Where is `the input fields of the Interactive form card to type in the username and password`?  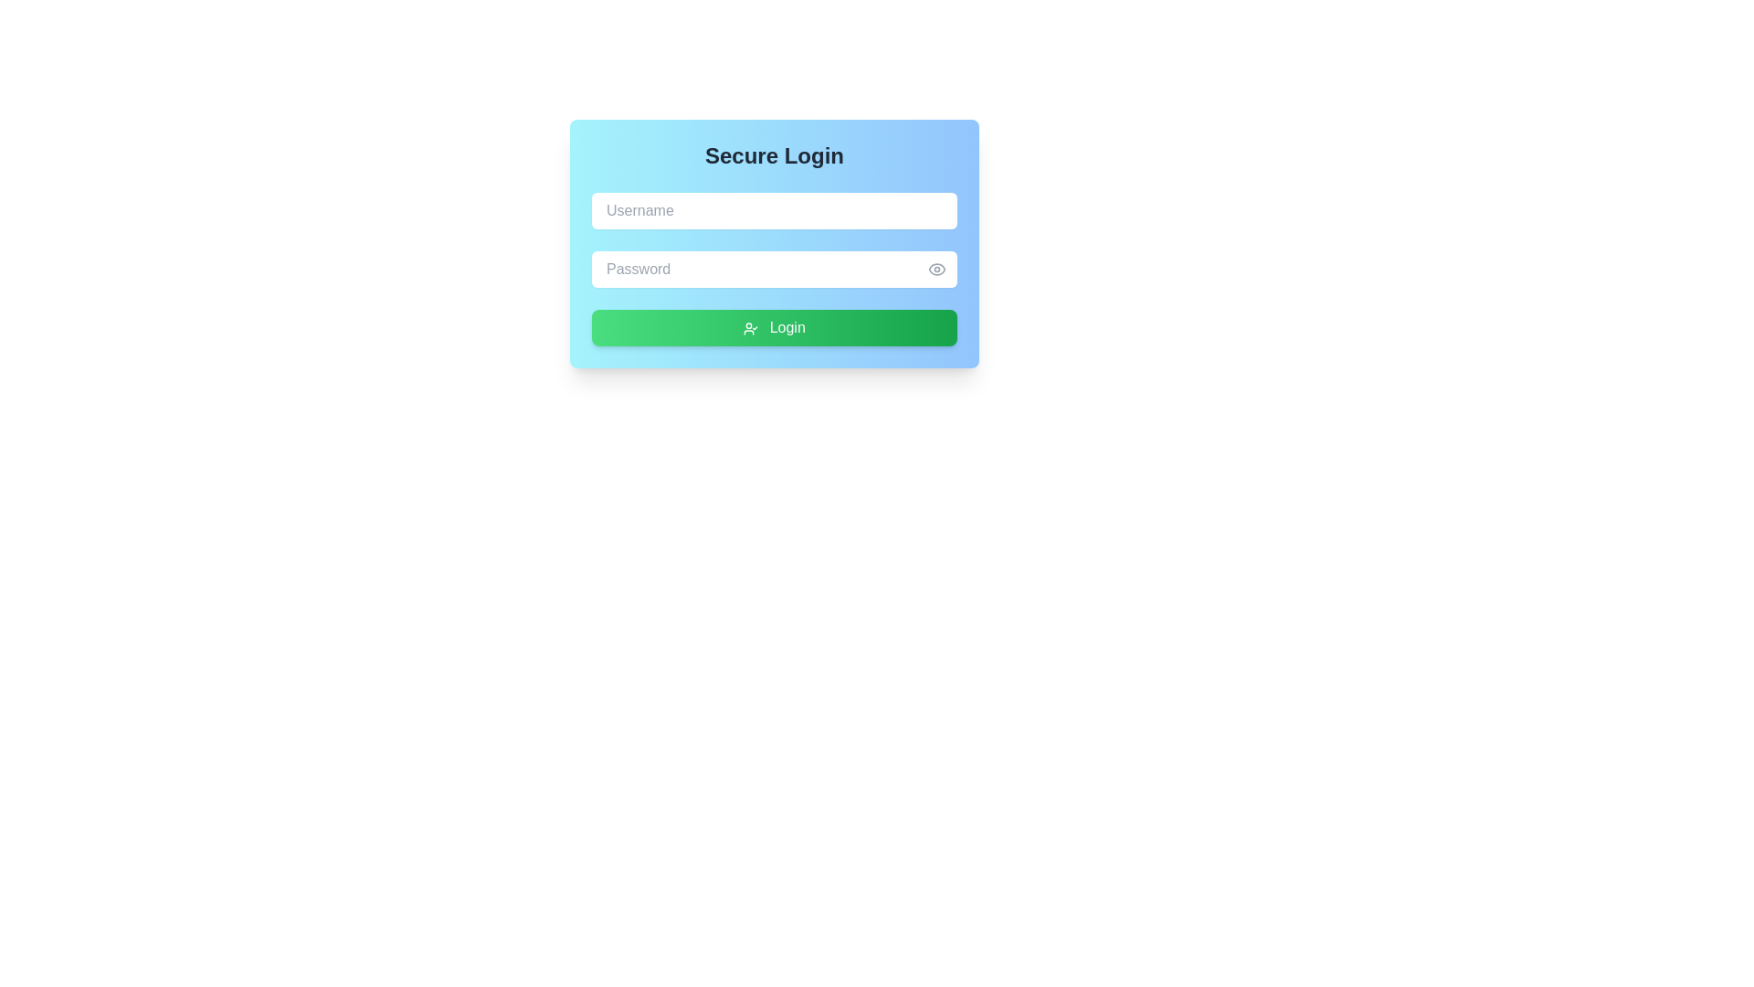 the input fields of the Interactive form card to type in the username and password is located at coordinates (775, 242).